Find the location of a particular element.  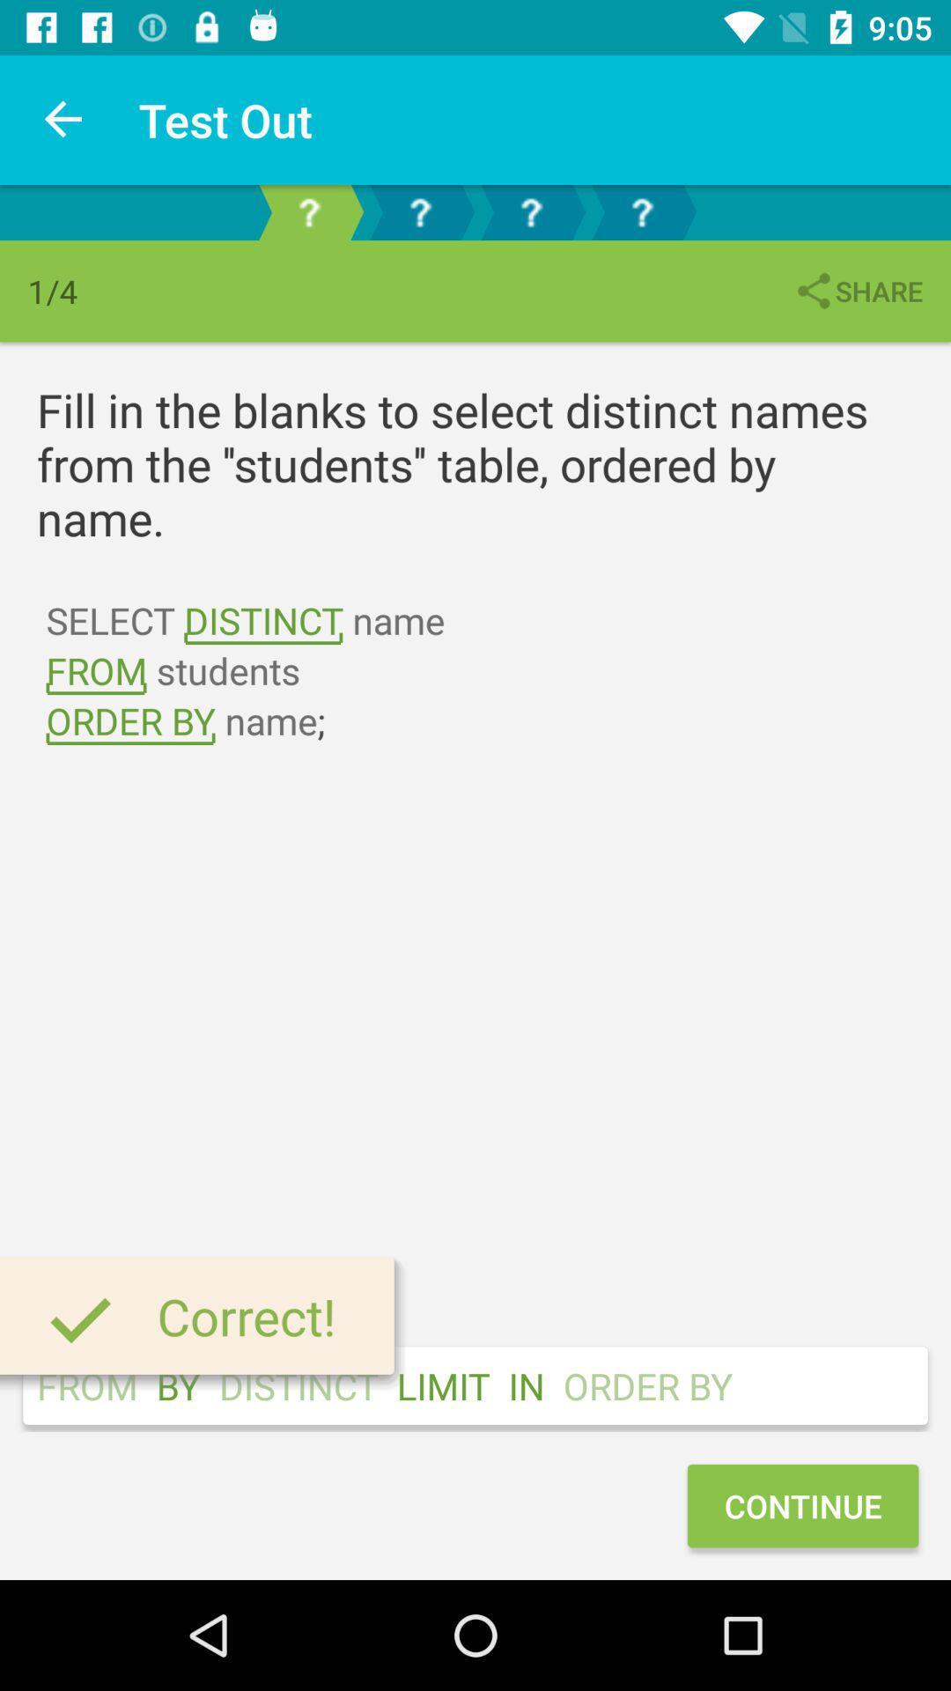

the share is located at coordinates (857, 291).